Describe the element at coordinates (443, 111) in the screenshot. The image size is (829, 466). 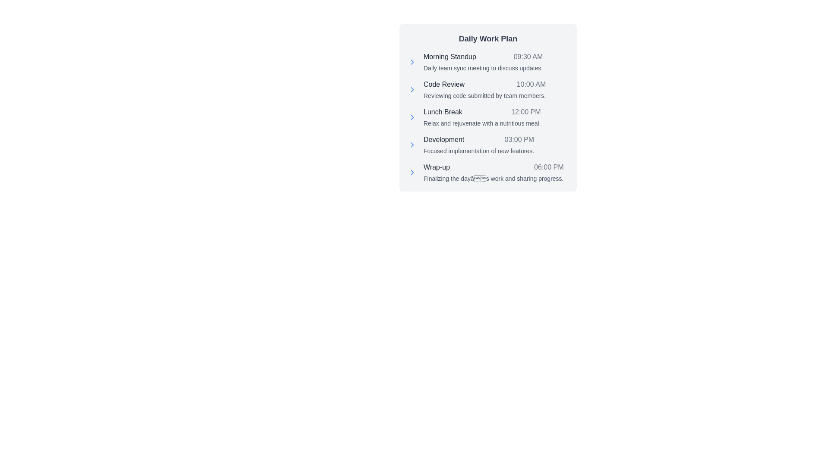
I see `the 'Lunch Break' text label in the 'Daily Work Plan' section, located to the left of the '12:00 PM' time indicator and between 'Code Review' and 'Development'` at that location.